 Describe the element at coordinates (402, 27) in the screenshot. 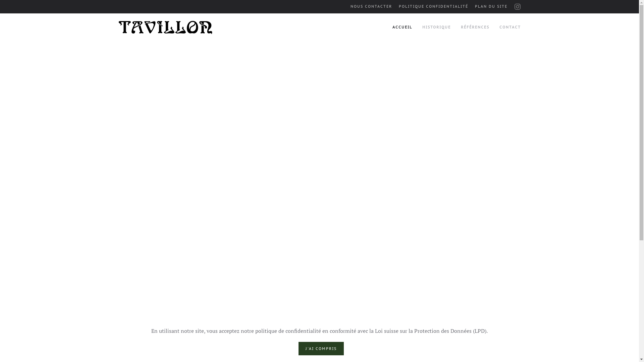

I see `'ACCUEIL'` at that location.